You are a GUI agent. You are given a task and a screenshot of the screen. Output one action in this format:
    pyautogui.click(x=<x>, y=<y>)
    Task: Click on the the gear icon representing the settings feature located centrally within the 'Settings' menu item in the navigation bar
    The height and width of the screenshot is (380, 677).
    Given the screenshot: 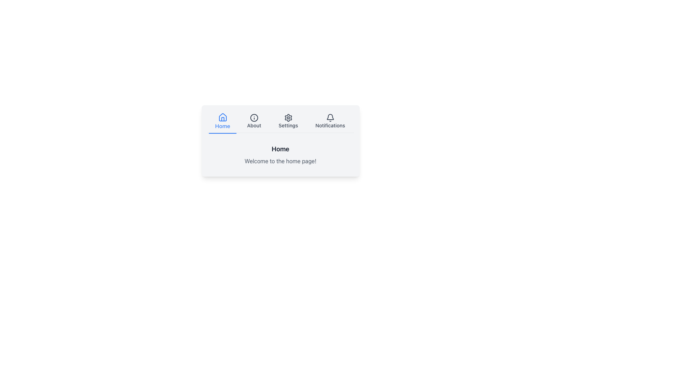 What is the action you would take?
    pyautogui.click(x=288, y=118)
    